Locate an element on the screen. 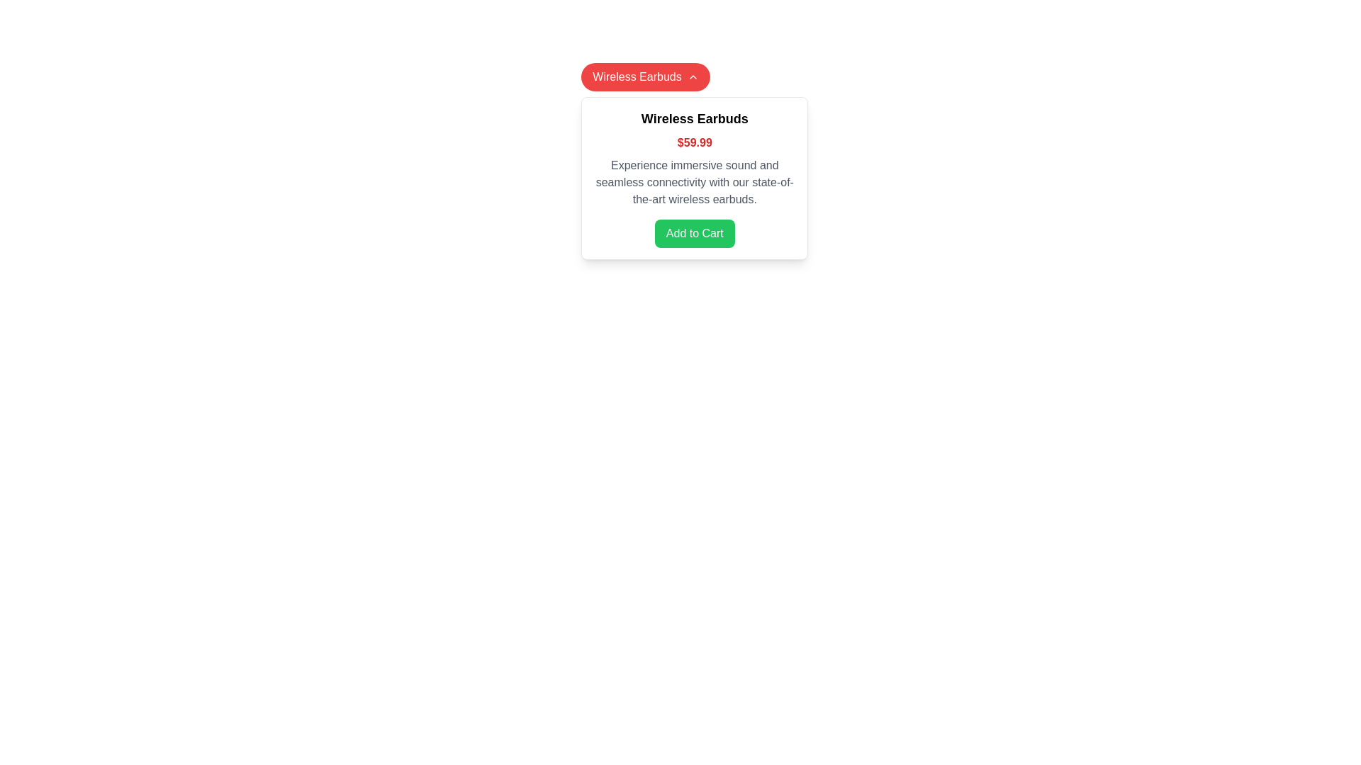 The image size is (1361, 765). the 'Add to Cart' green button located at the bottom of the product card is located at coordinates (695, 233).